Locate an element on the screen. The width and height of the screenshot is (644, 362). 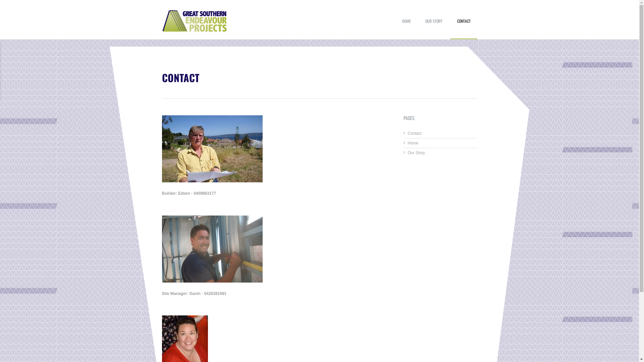
'CONTACT' is located at coordinates (463, 26).